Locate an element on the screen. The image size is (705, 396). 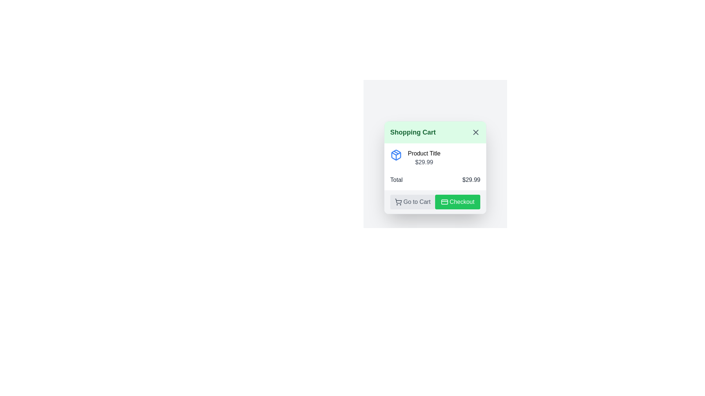
the green 'Checkout' button located at the bottom-right corner of the 'Shopping Cart' dialog box is located at coordinates (457, 202).